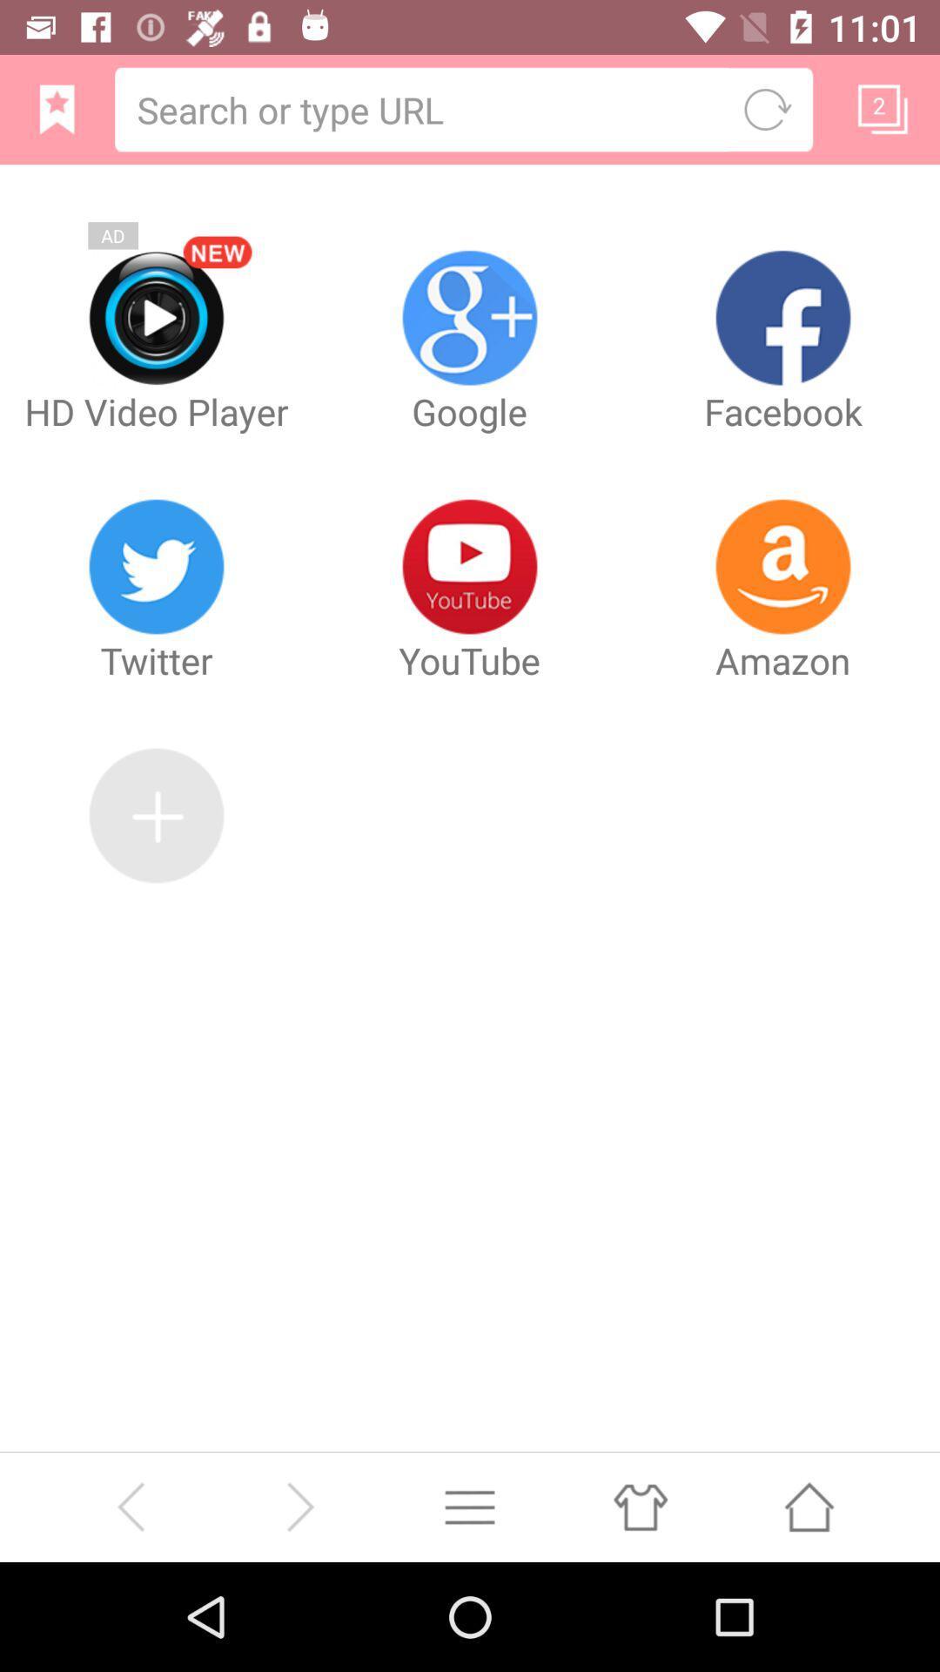 The image size is (940, 1672). I want to click on send to, so click(809, 1506).